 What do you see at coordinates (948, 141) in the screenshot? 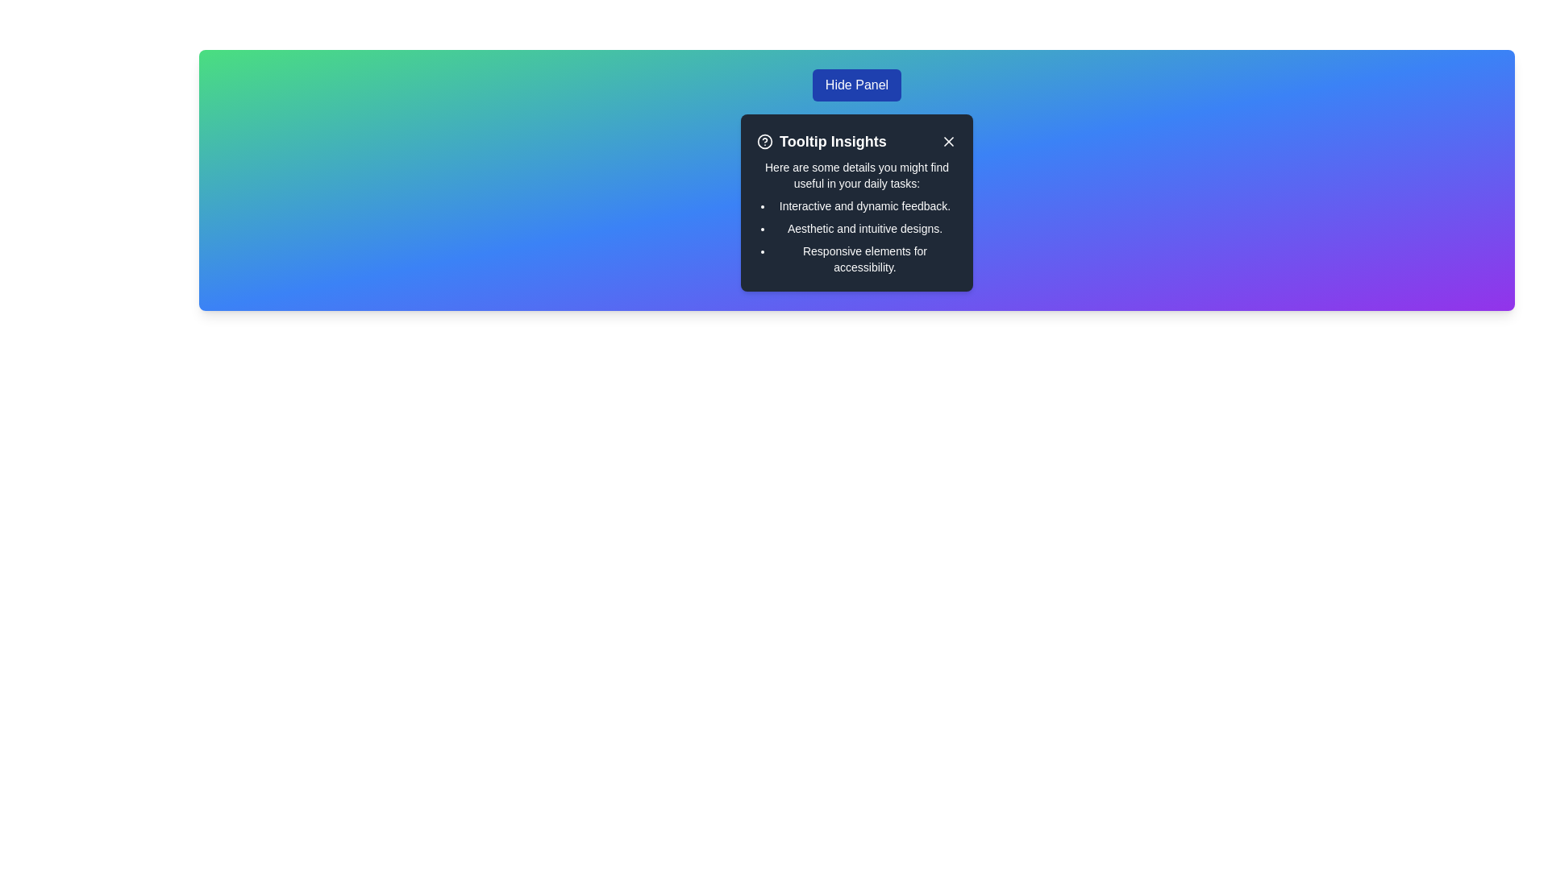
I see `the close icon (×) located at the top-right corner of the 'Tooltip Insights' tooltip` at bounding box center [948, 141].